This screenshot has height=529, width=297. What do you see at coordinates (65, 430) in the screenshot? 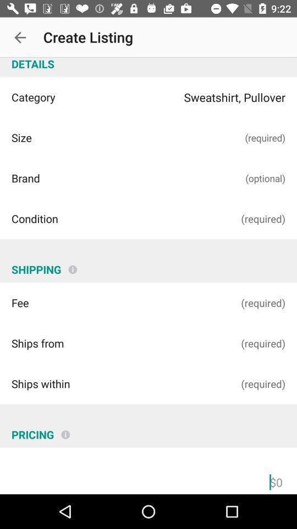
I see `the info icon` at bounding box center [65, 430].